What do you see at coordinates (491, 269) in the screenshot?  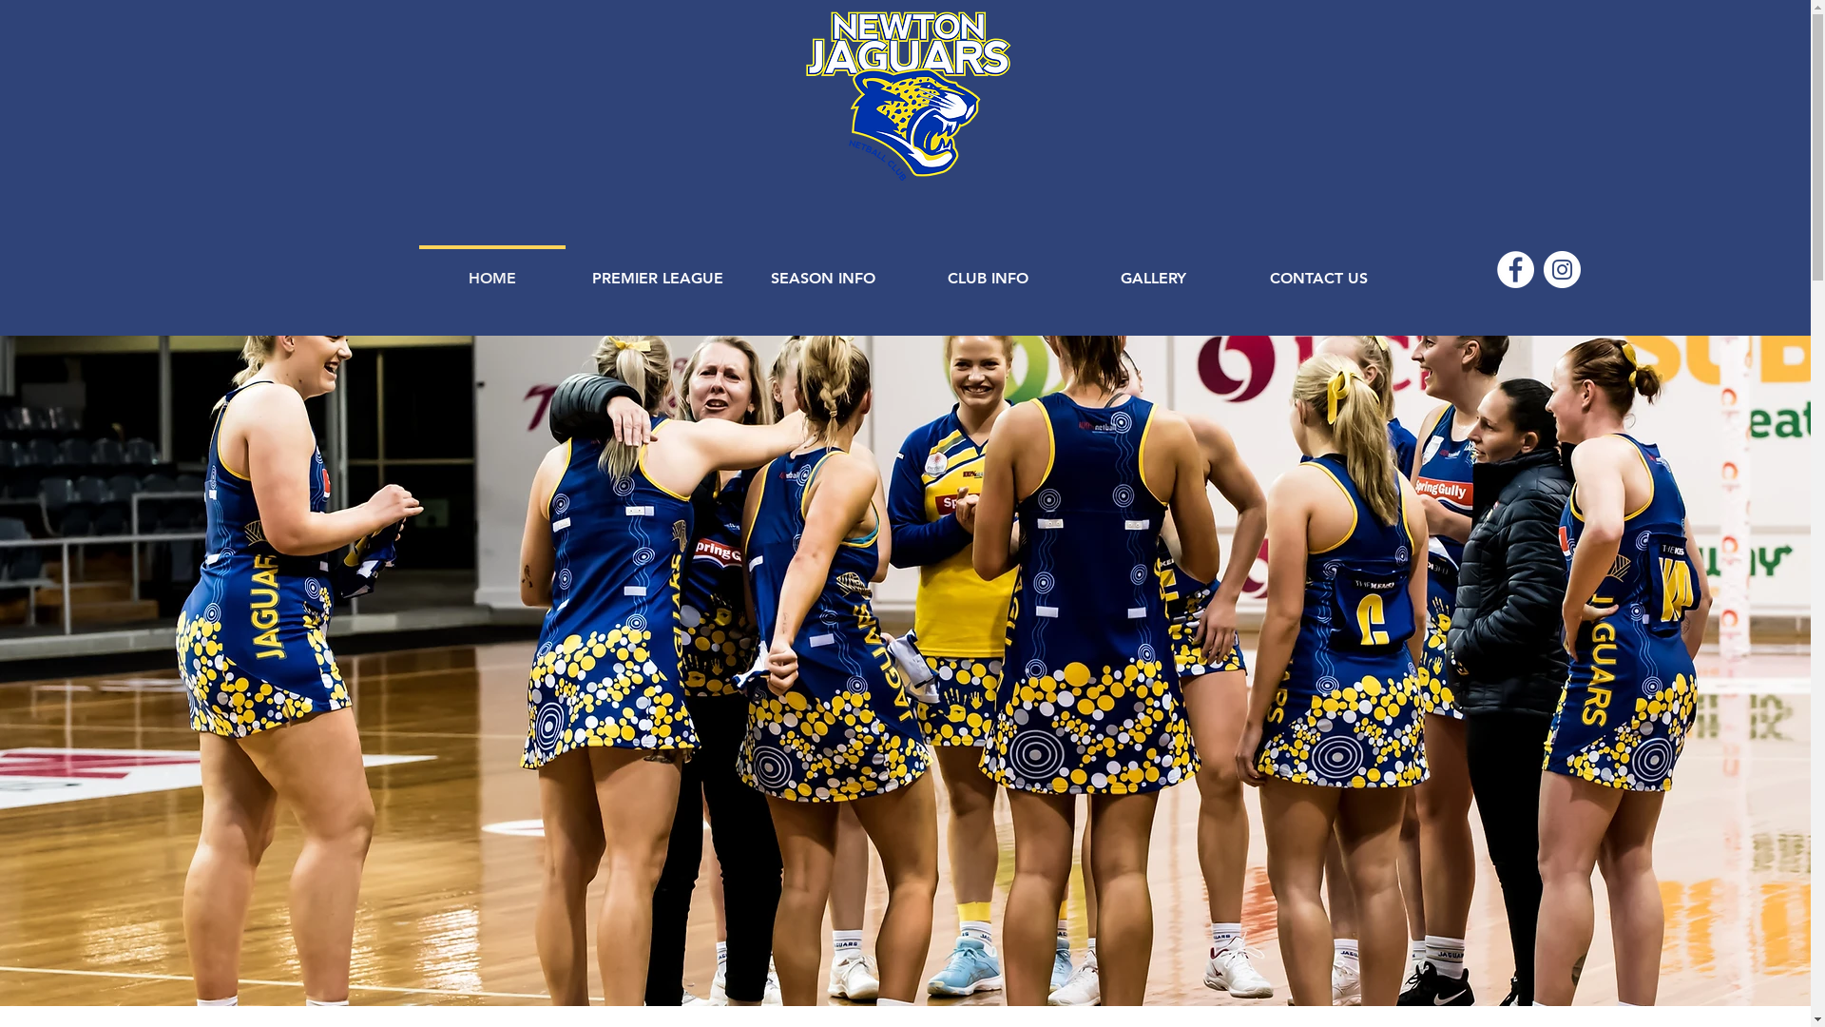 I see `'HOME'` at bounding box center [491, 269].